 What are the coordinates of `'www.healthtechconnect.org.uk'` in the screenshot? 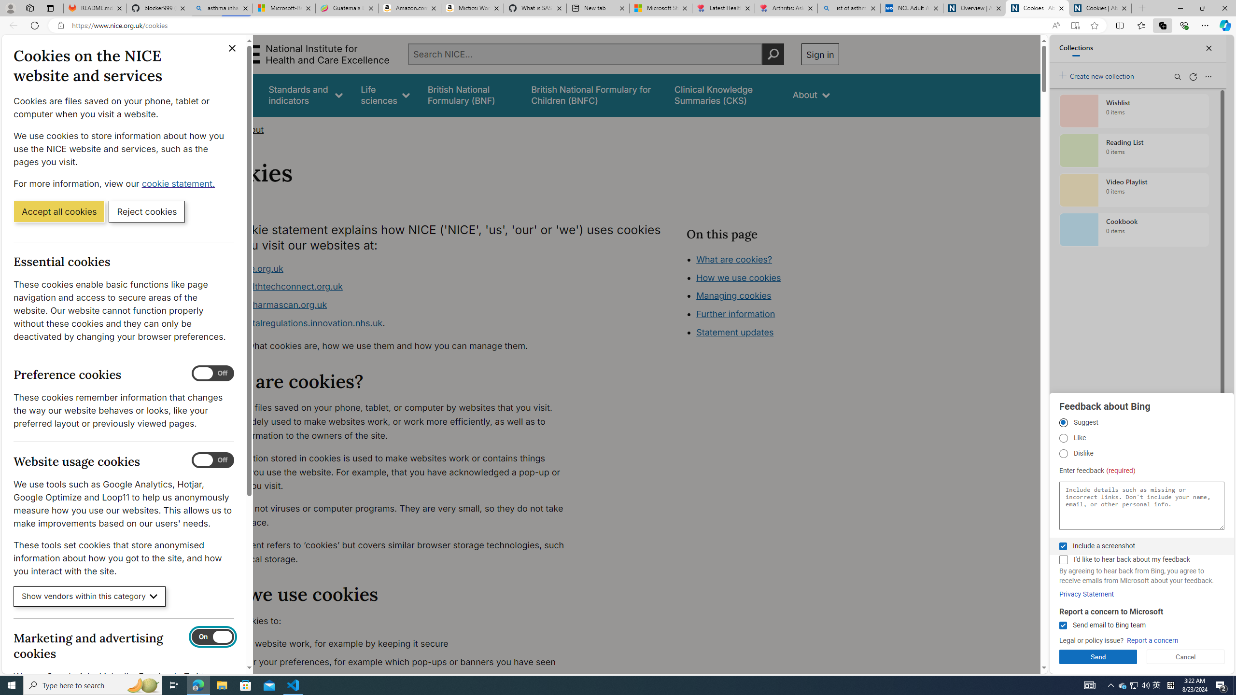 It's located at (278, 286).